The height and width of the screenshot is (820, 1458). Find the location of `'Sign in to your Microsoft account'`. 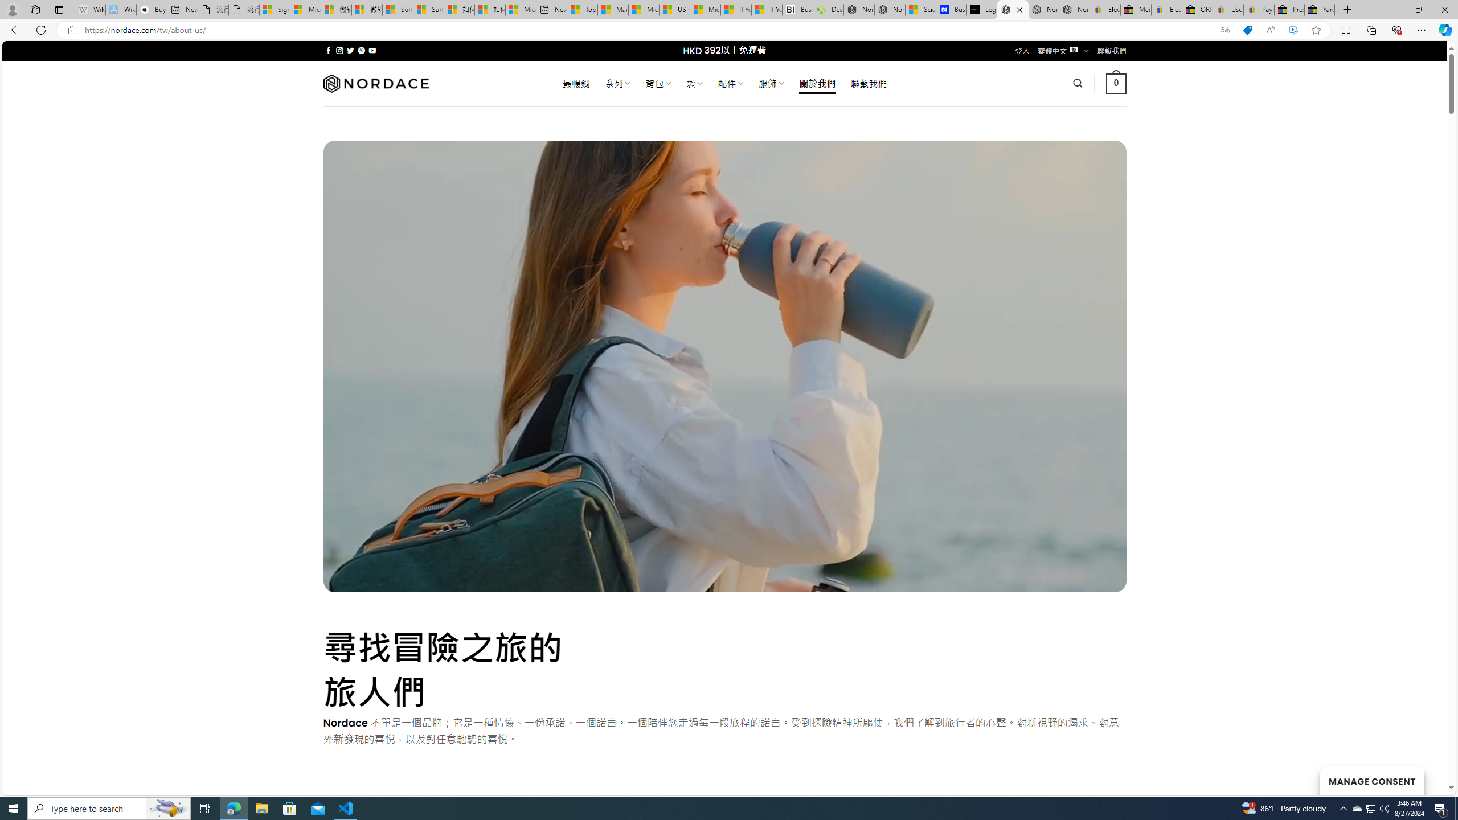

'Sign in to your Microsoft account' is located at coordinates (274, 9).